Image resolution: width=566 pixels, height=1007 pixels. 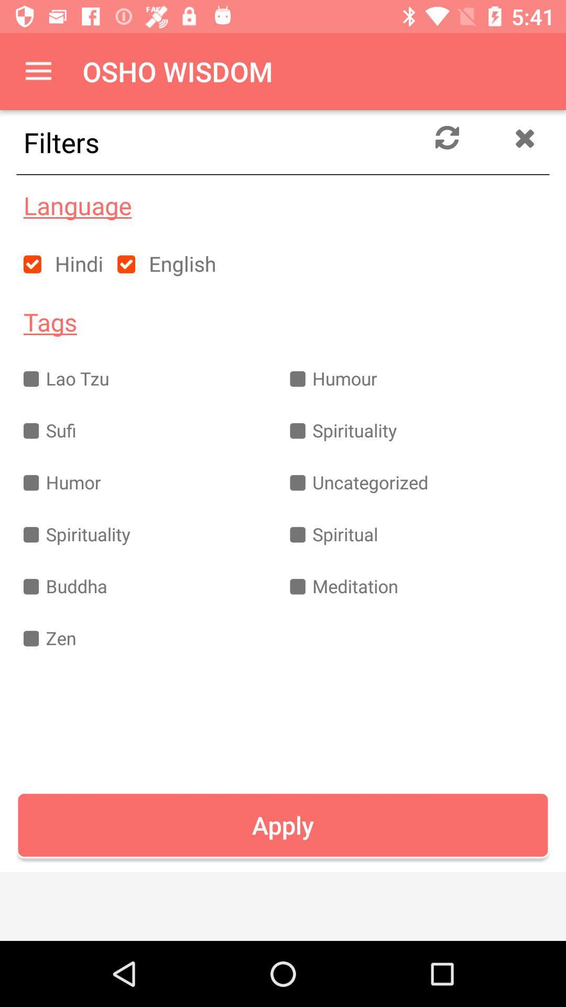 I want to click on the item next to the osho wisdom, so click(x=38, y=71).